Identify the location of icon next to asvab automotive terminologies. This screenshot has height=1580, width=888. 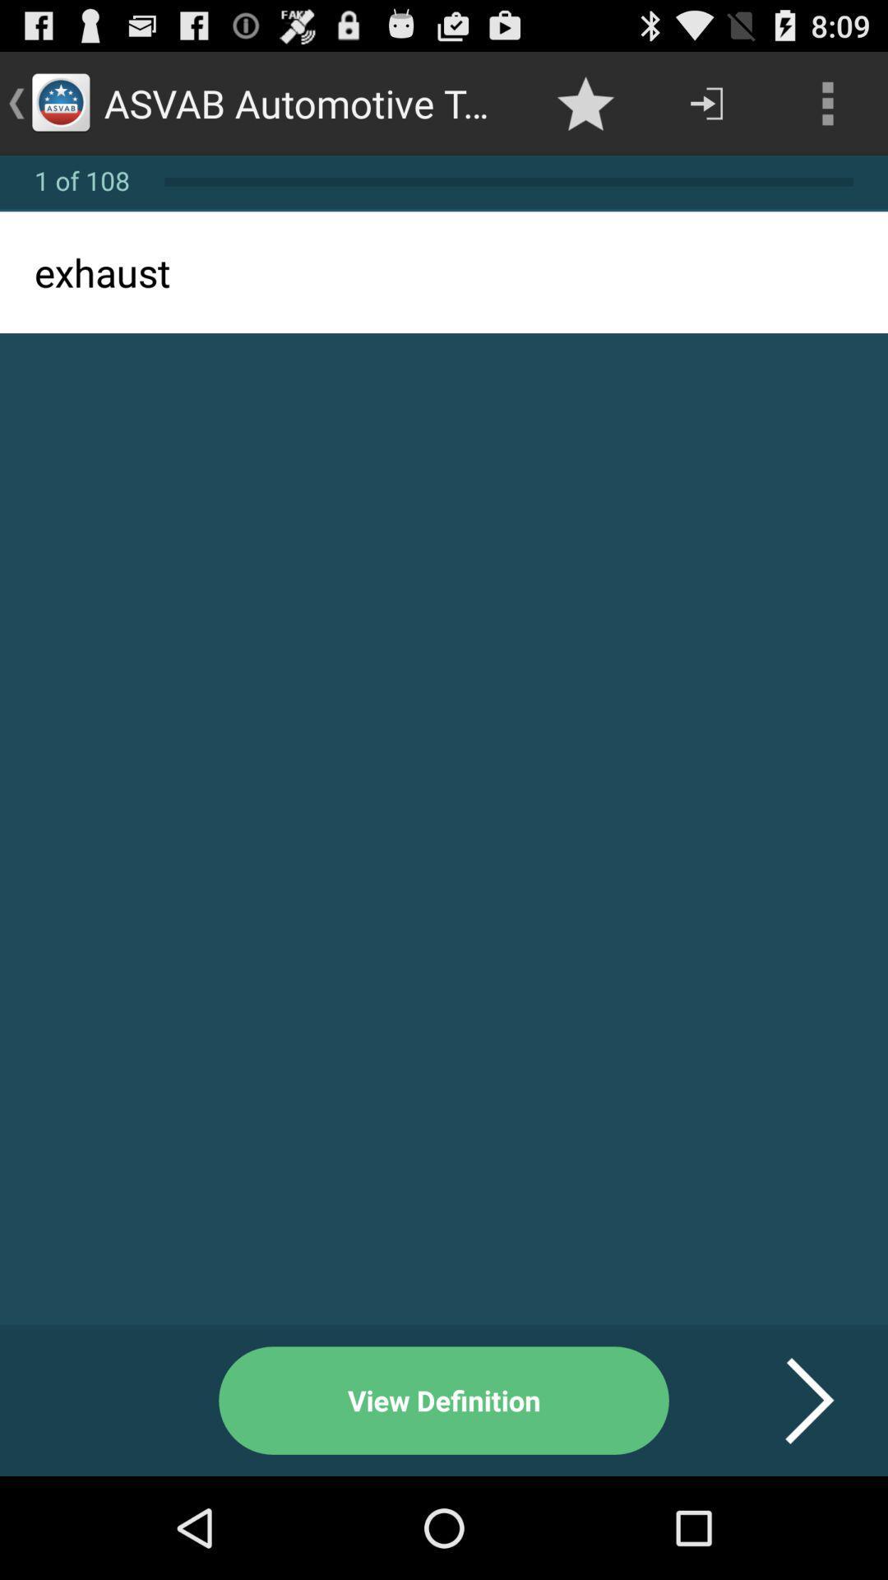
(585, 102).